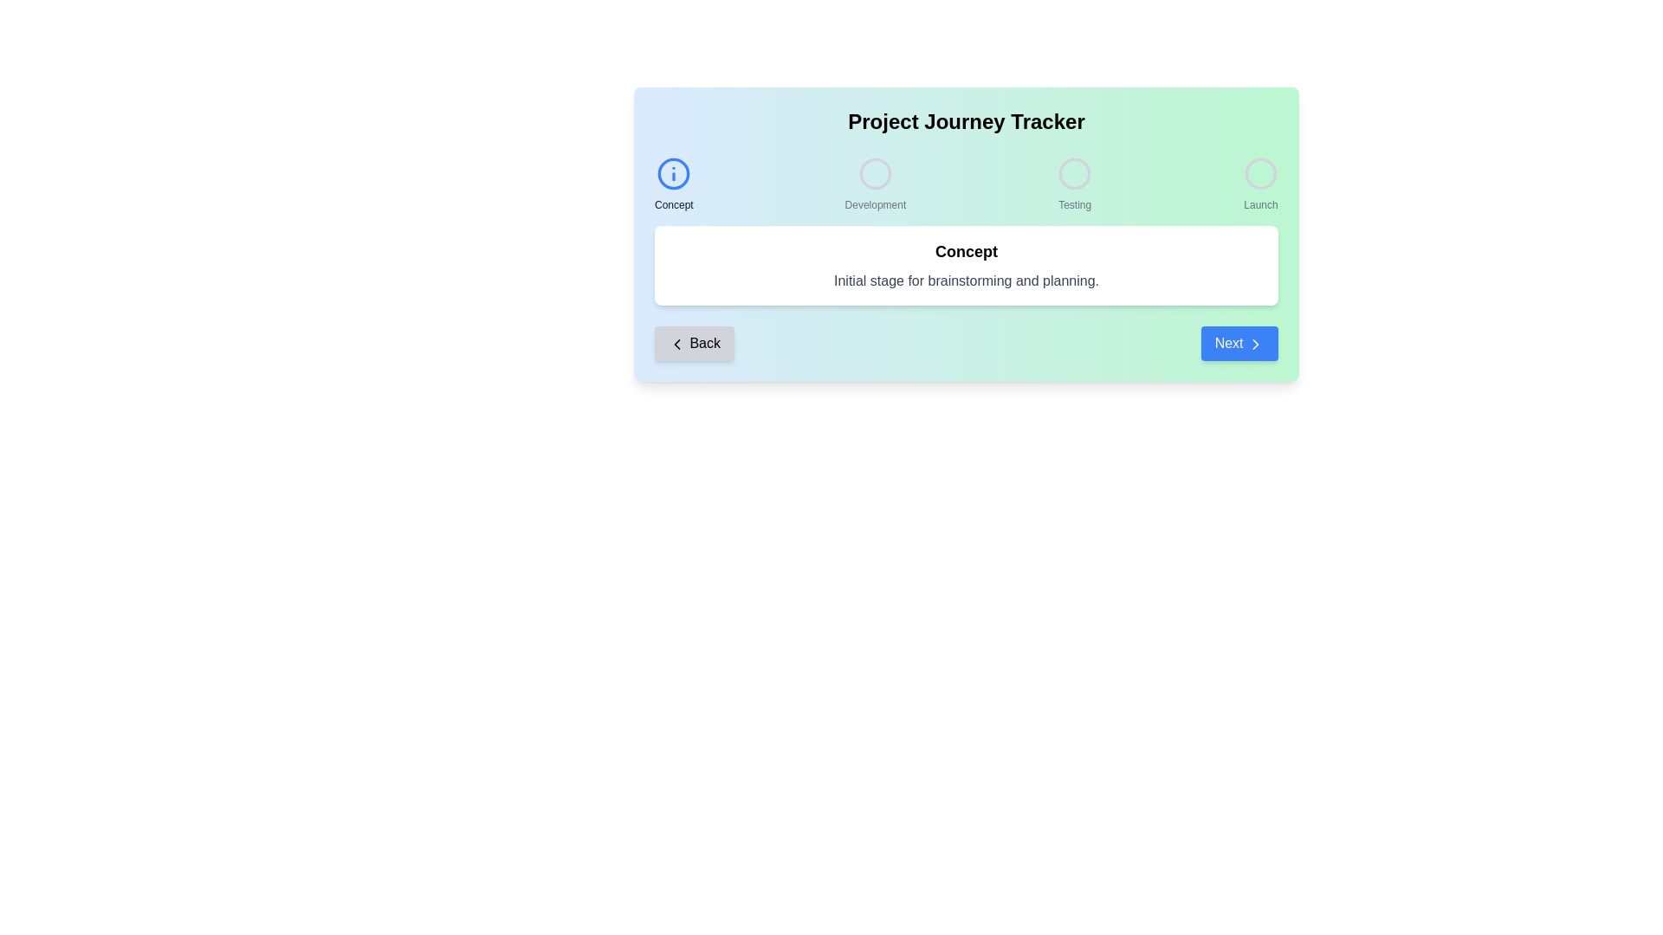 This screenshot has height=935, width=1663. What do you see at coordinates (1074, 173) in the screenshot?
I see `the state of the third step indicator in the progress layout, which represents the 'Testing' stage` at bounding box center [1074, 173].